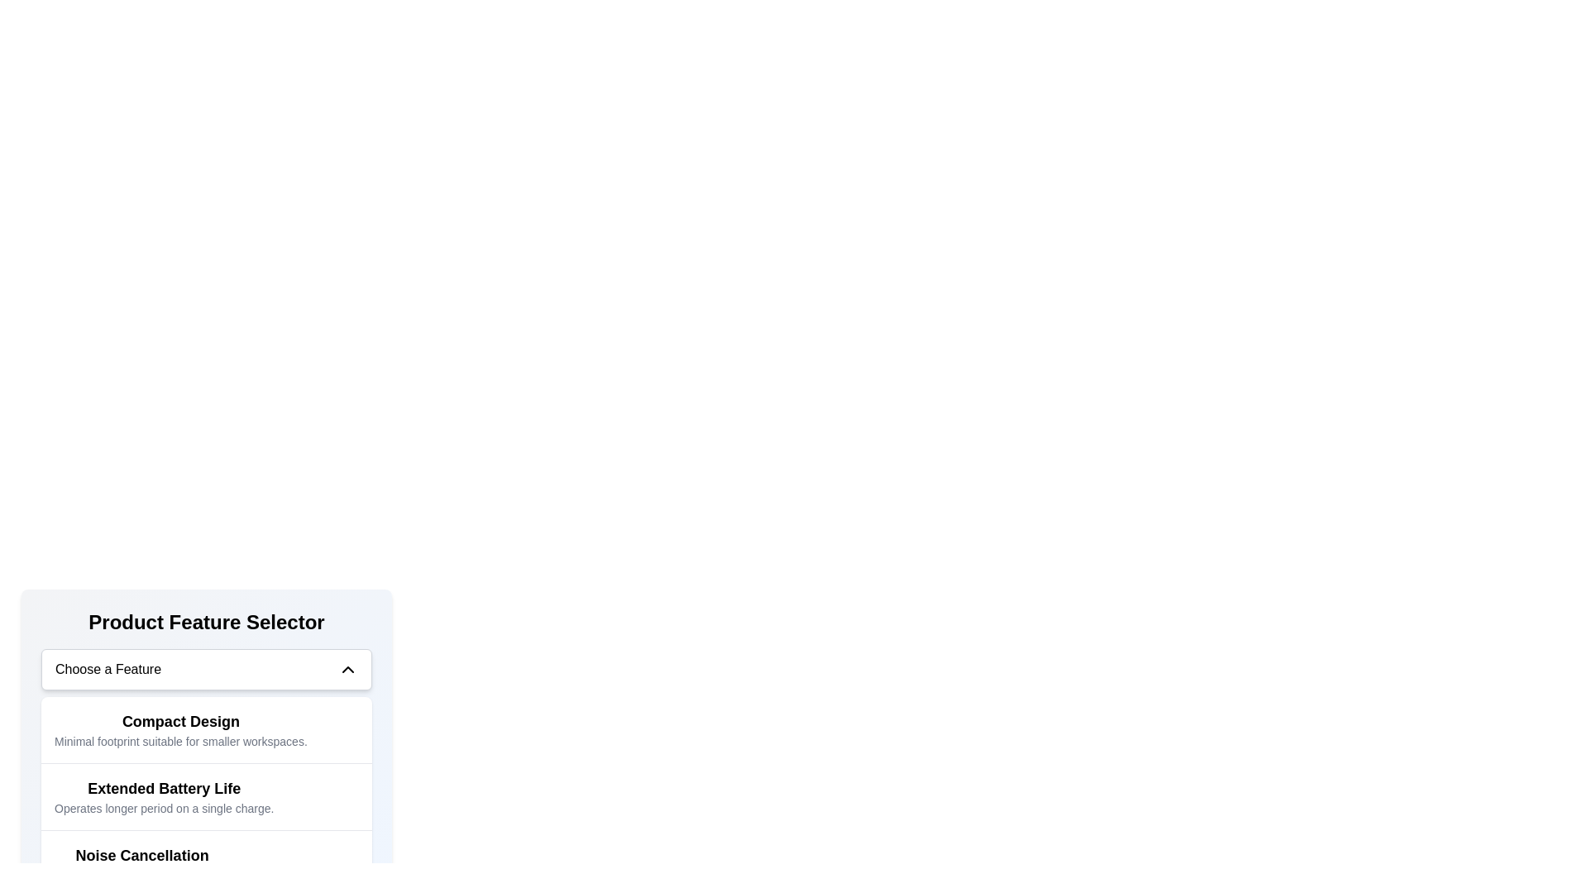 Image resolution: width=1588 pixels, height=893 pixels. Describe the element at coordinates (164, 796) in the screenshot. I see `text content of the description card highlighting the 'Extended Battery Life' feature, located within the second card under the 'Product Feature Selector' section` at that location.